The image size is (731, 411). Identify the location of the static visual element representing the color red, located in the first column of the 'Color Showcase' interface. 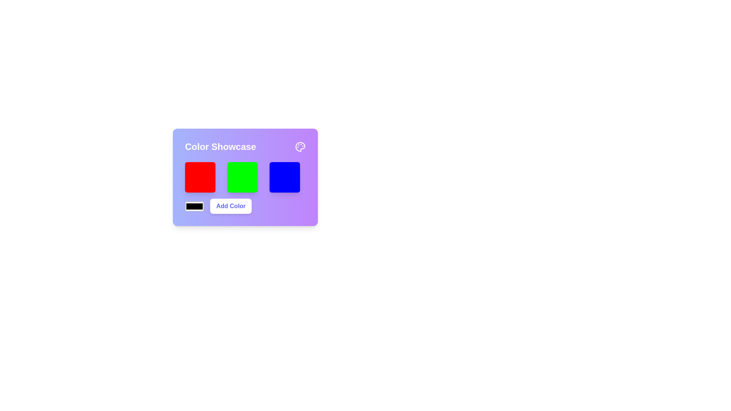
(200, 177).